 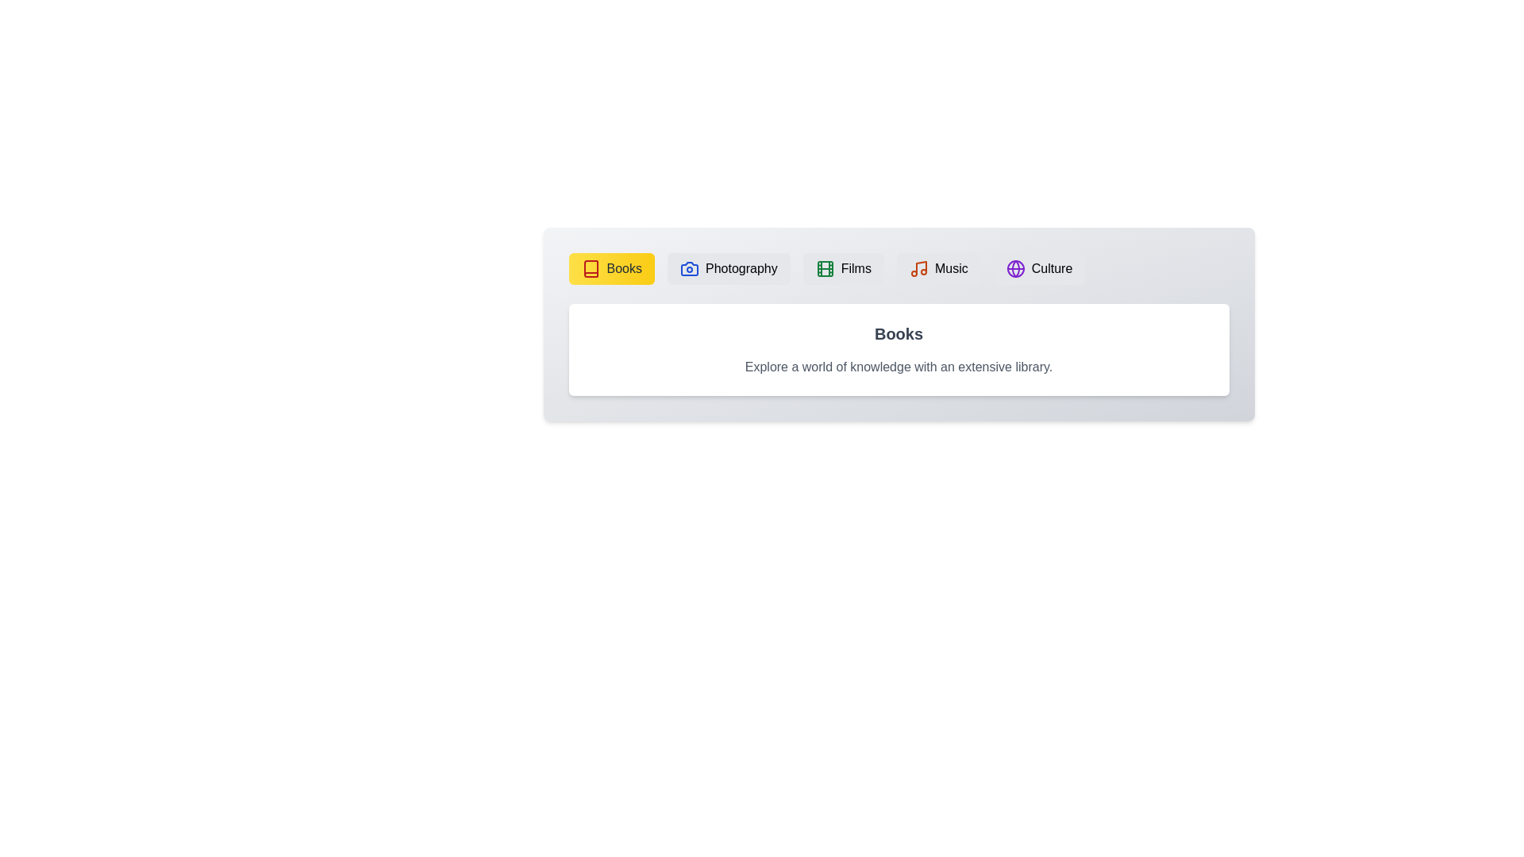 What do you see at coordinates (841, 268) in the screenshot?
I see `the tab titled Films to activate its content` at bounding box center [841, 268].